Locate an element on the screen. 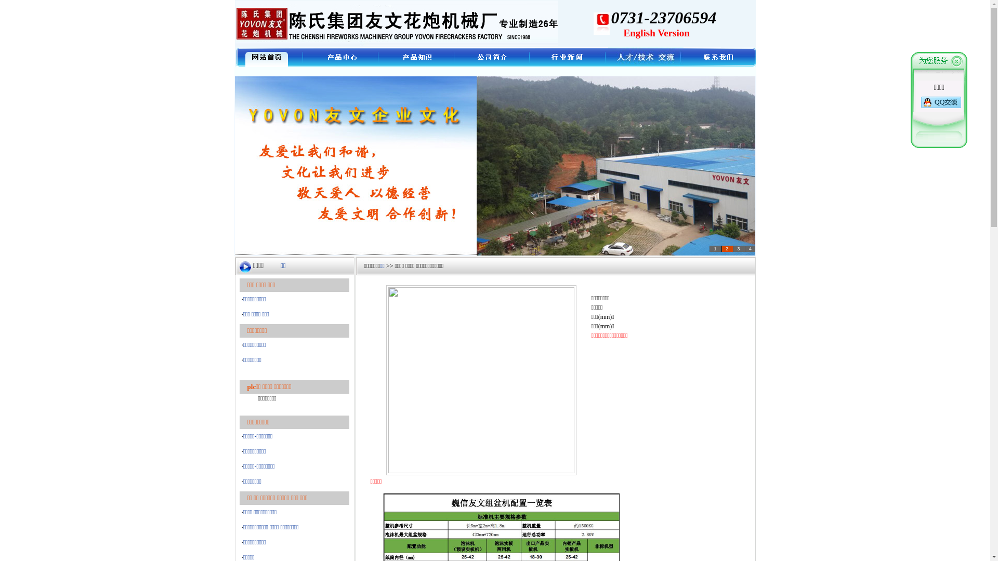 The image size is (998, 561). 'English Version' is located at coordinates (656, 32).